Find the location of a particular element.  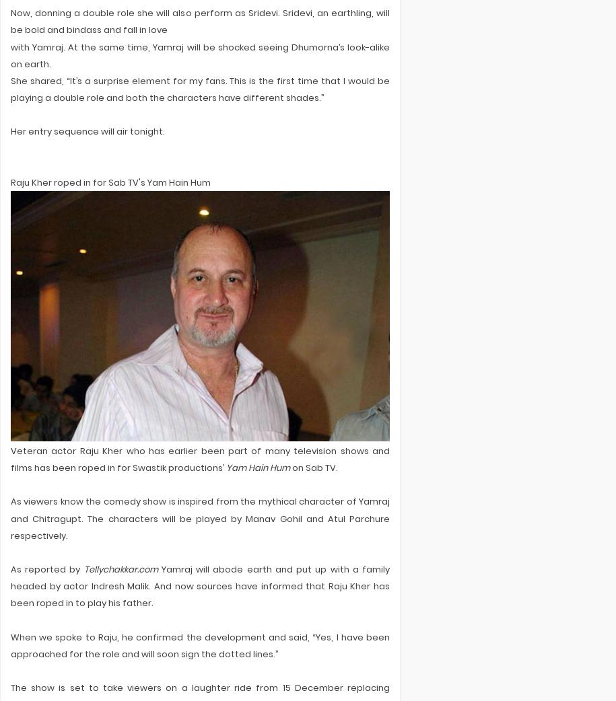

'on Sab TV.' is located at coordinates (313, 467).